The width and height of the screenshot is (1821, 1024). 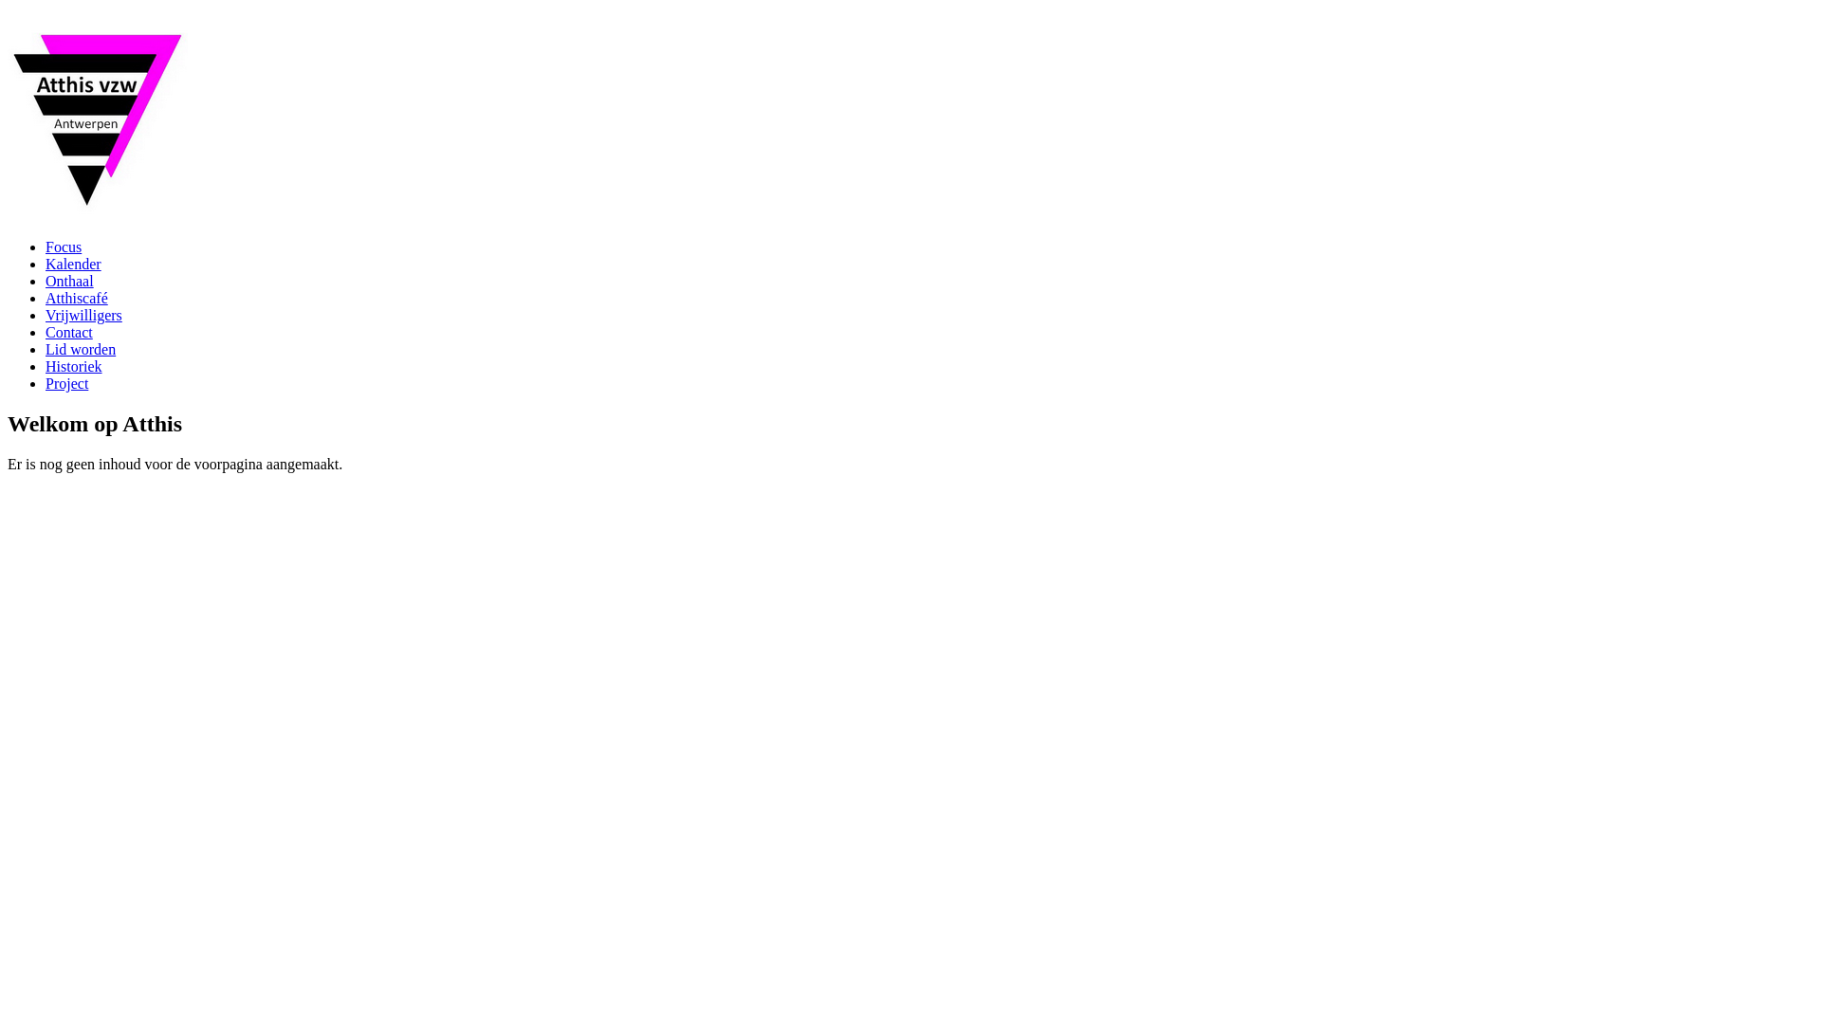 What do you see at coordinates (46, 383) in the screenshot?
I see `'Project'` at bounding box center [46, 383].